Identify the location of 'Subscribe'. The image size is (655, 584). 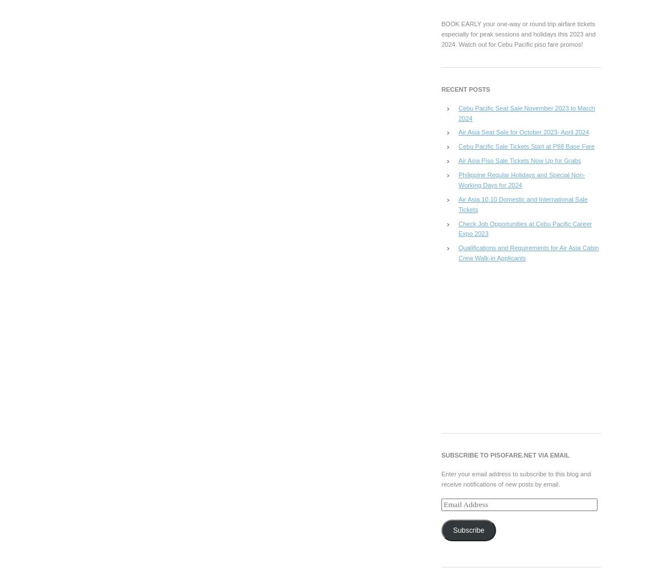
(468, 529).